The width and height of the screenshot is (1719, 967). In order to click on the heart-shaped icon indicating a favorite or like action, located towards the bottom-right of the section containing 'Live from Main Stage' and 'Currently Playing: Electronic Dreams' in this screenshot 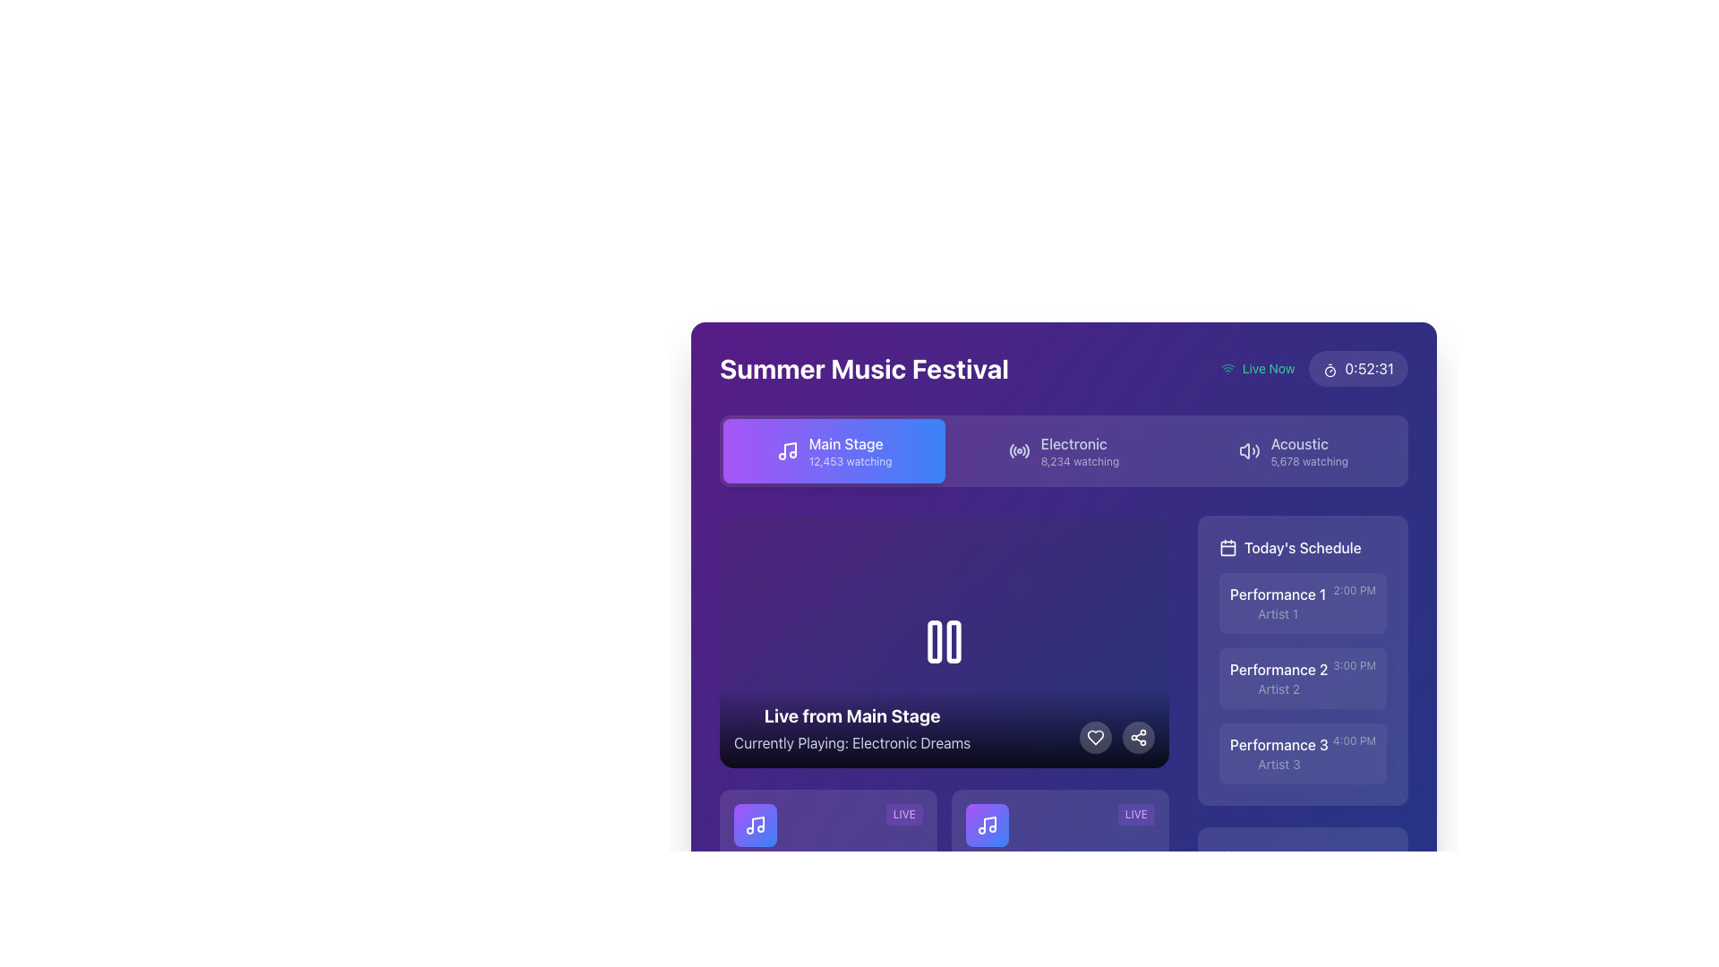, I will do `click(1095, 738)`.